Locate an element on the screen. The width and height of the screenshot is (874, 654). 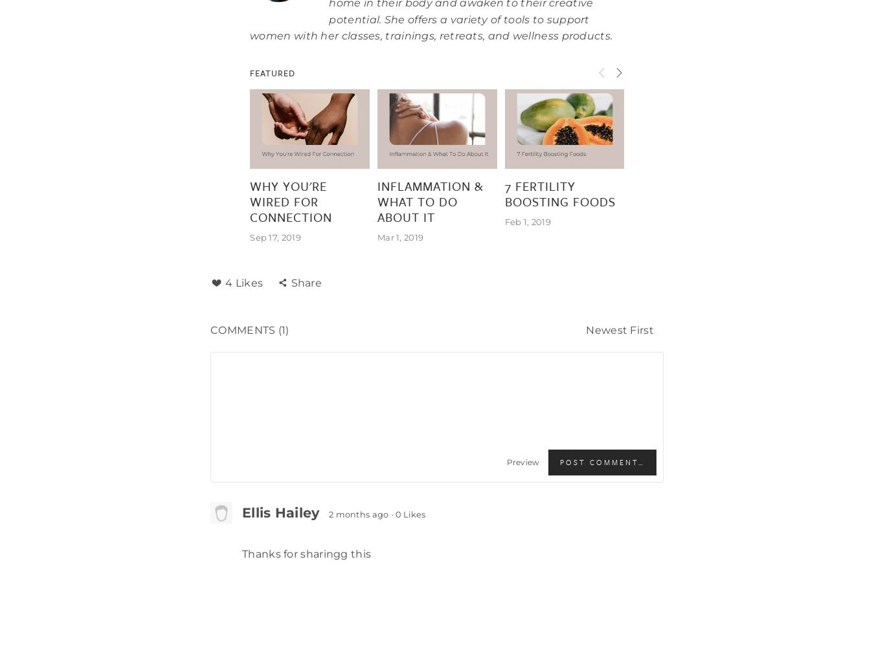
'Why you're wired for connection' is located at coordinates (291, 201).